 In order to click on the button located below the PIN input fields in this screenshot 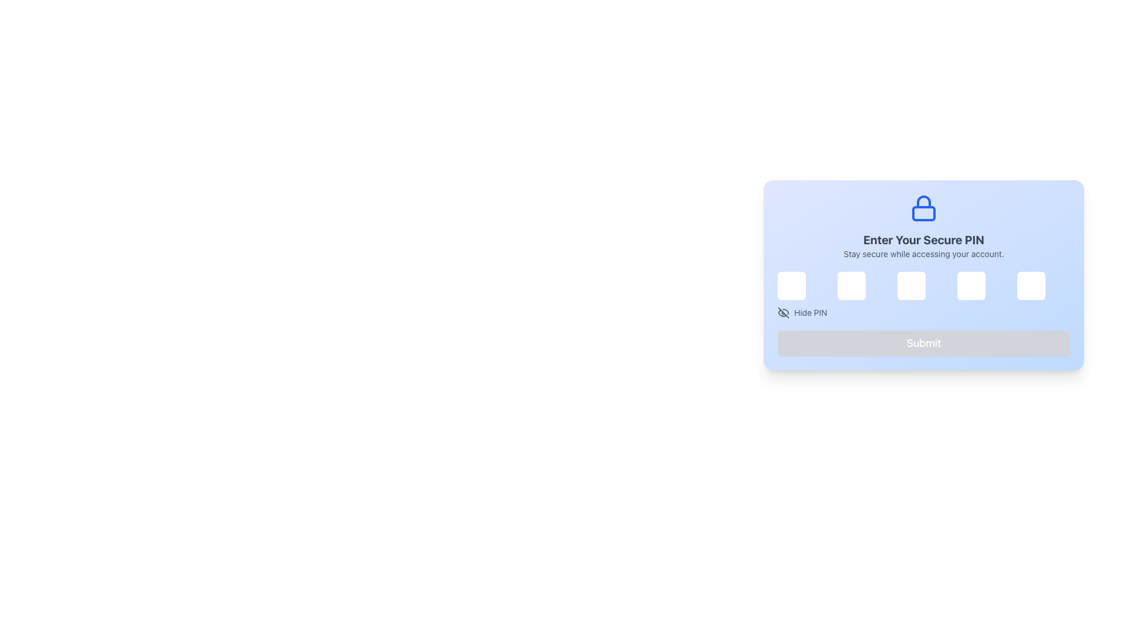, I will do `click(802, 312)`.